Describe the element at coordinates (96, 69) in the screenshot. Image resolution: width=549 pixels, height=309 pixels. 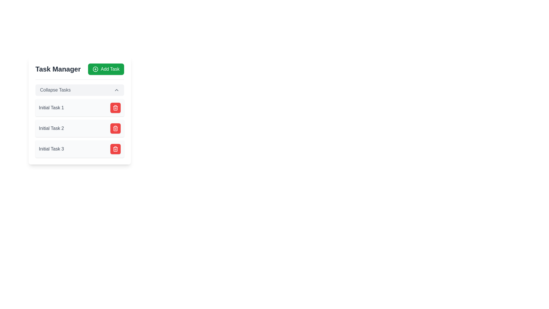
I see `the circular outline graphic element that is part of an icon representing an action, located to the left of the 'Add Task' button in the 'Task Manager' widget` at that location.